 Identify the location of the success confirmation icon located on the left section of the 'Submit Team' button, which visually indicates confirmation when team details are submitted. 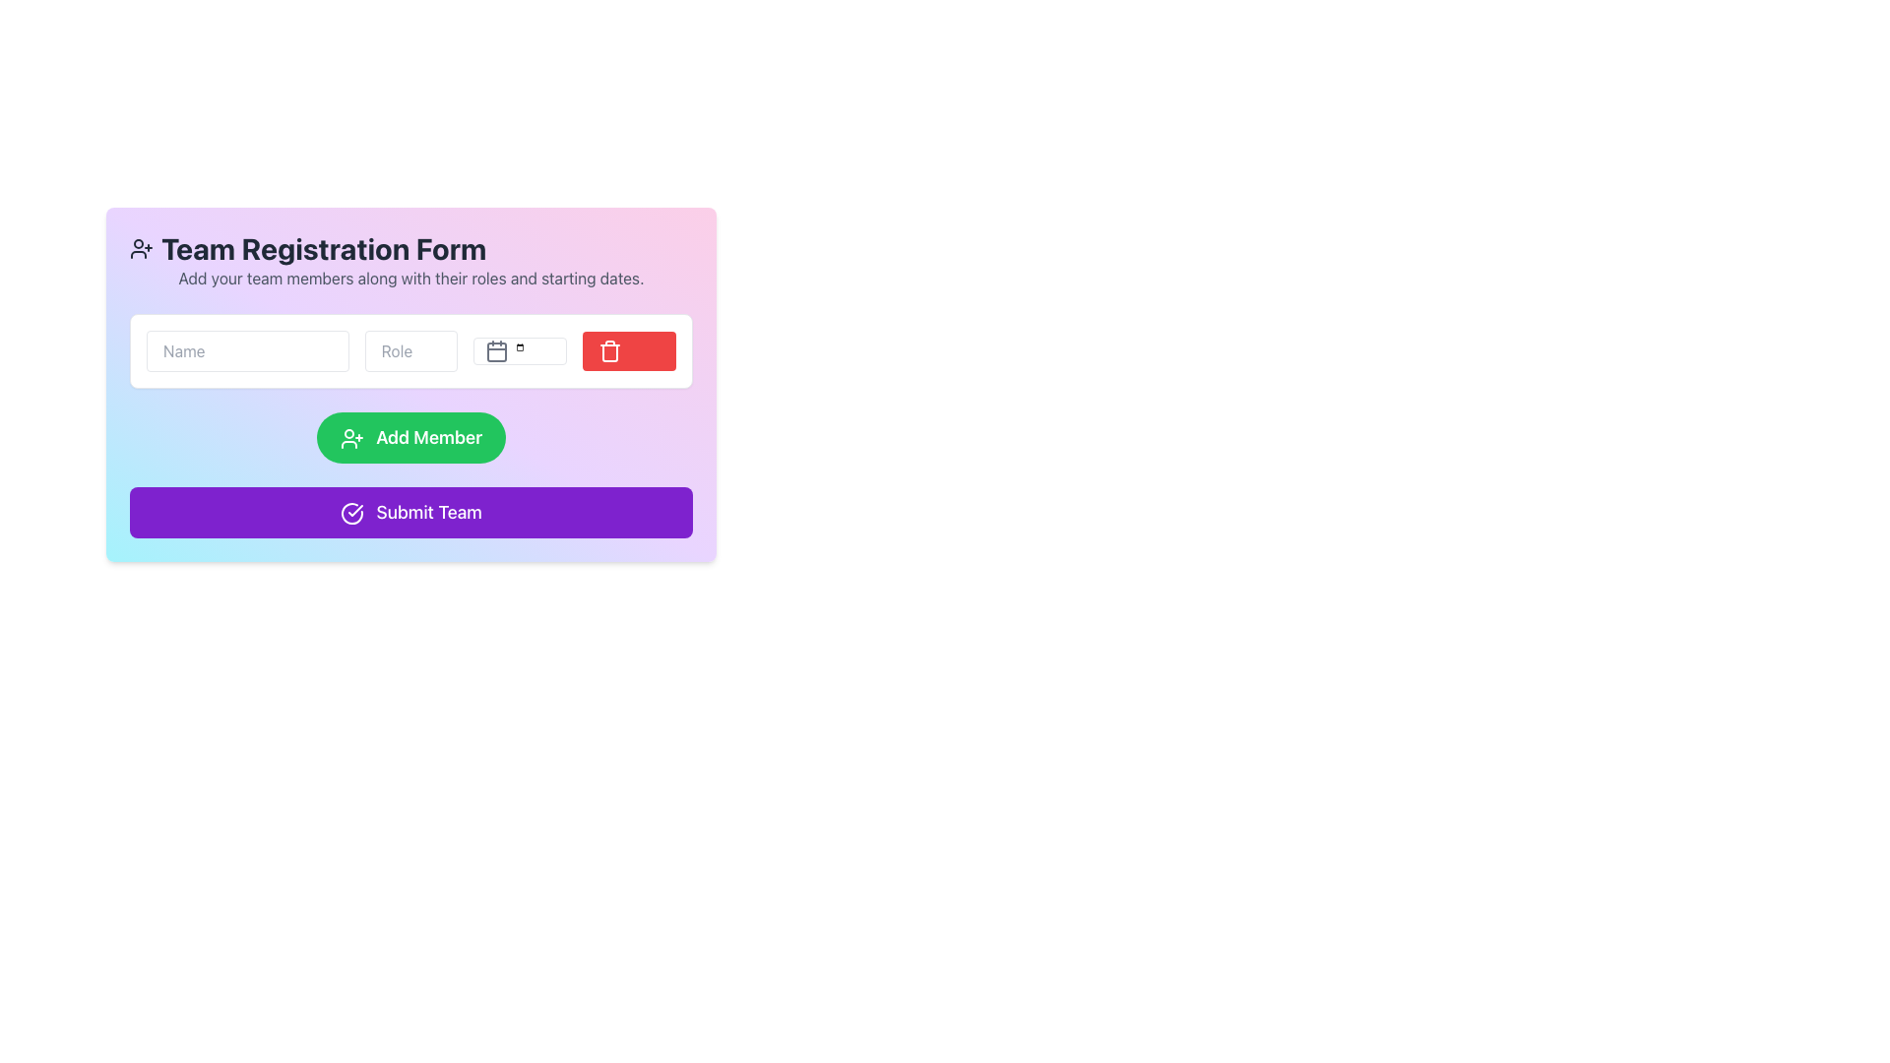
(352, 513).